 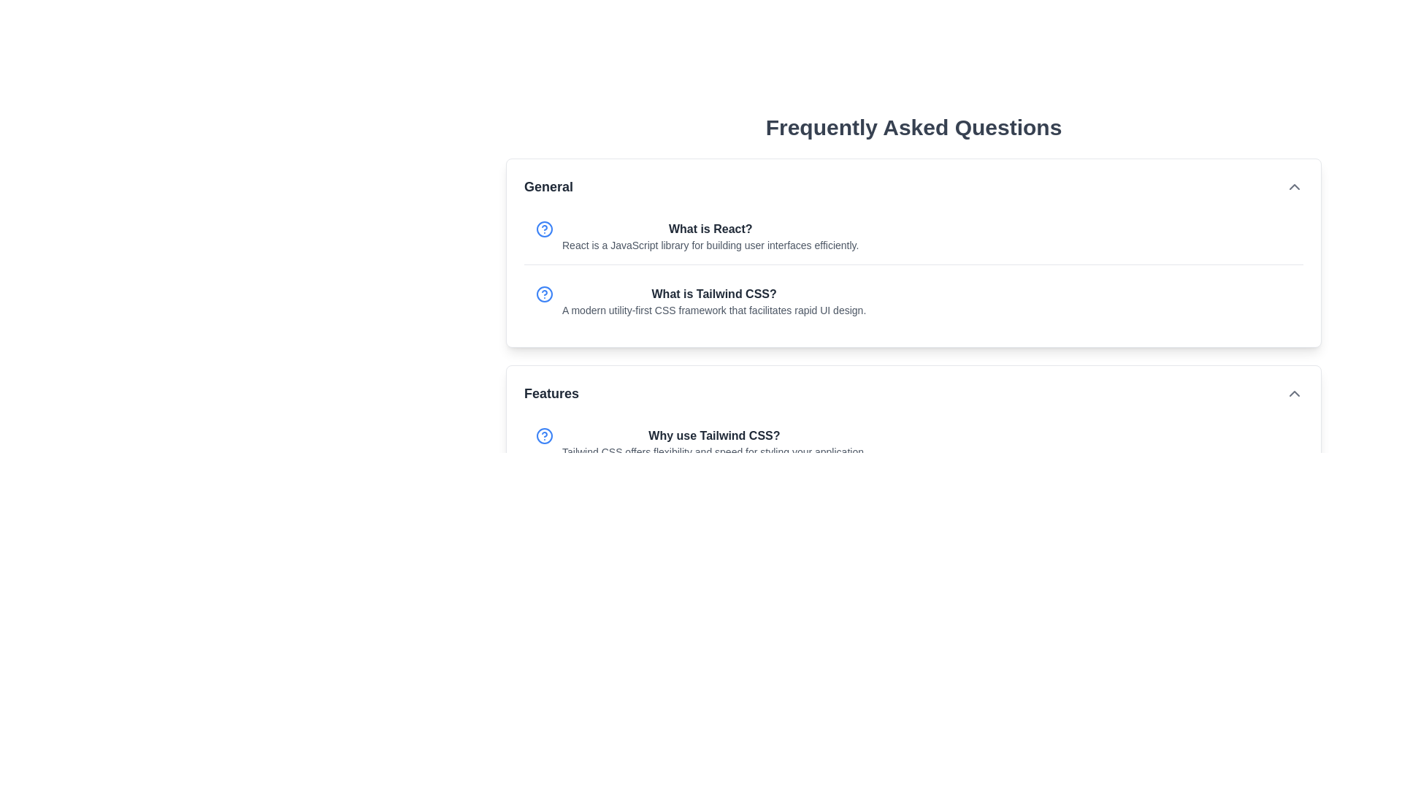 What do you see at coordinates (543, 229) in the screenshot?
I see `the graphical component of the SVG-based icon located to the left of the 'What is React?' text in the 'General' section of the FAQ layout` at bounding box center [543, 229].